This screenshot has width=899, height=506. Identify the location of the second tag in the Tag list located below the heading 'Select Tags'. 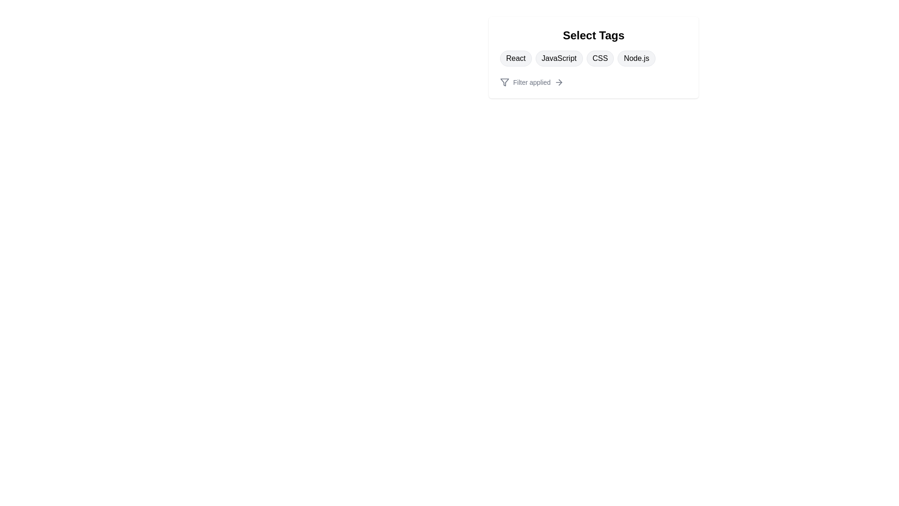
(593, 58).